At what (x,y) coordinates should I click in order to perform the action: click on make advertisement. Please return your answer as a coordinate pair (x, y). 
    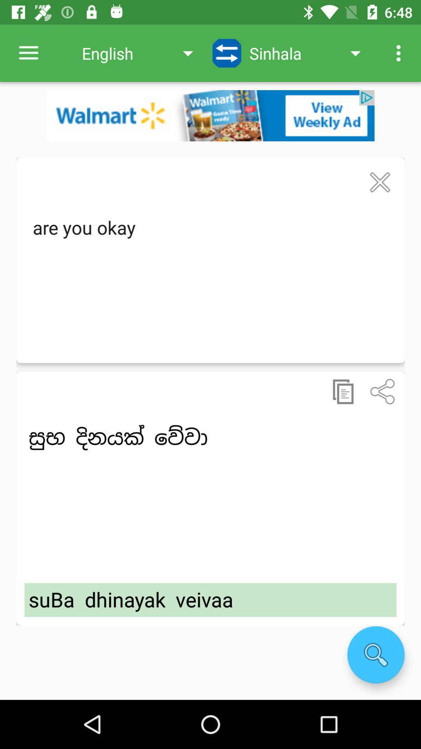
    Looking at the image, I should click on (210, 115).